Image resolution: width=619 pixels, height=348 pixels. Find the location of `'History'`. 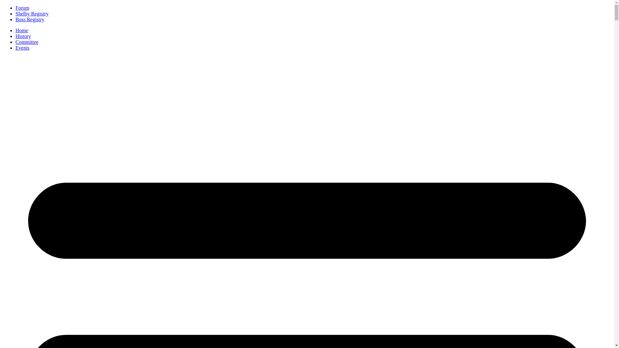

'History' is located at coordinates (15, 36).